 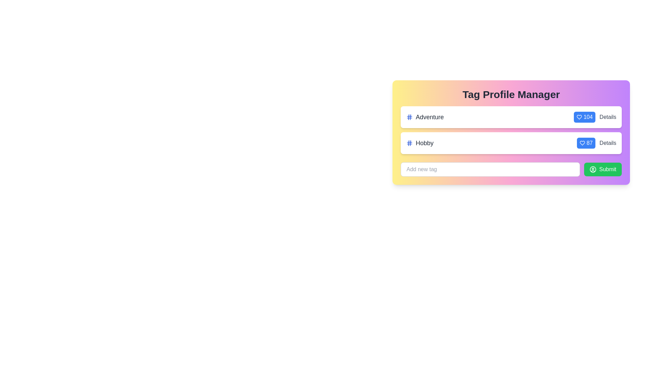 I want to click on the '104' label indicating the number of likes associated with the item 'Adventure', so click(x=595, y=117).